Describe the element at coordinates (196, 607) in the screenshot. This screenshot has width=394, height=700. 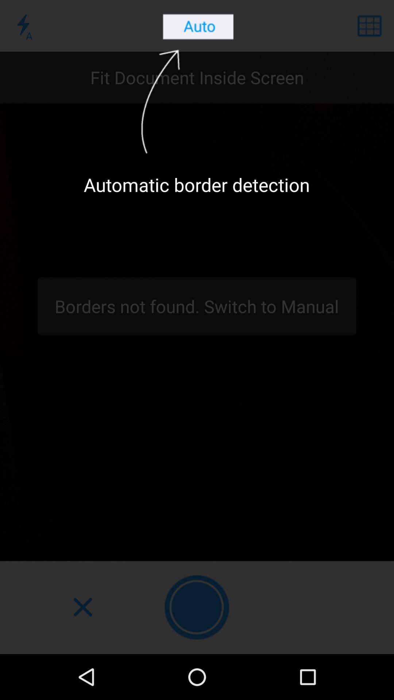
I see `the add icon` at that location.